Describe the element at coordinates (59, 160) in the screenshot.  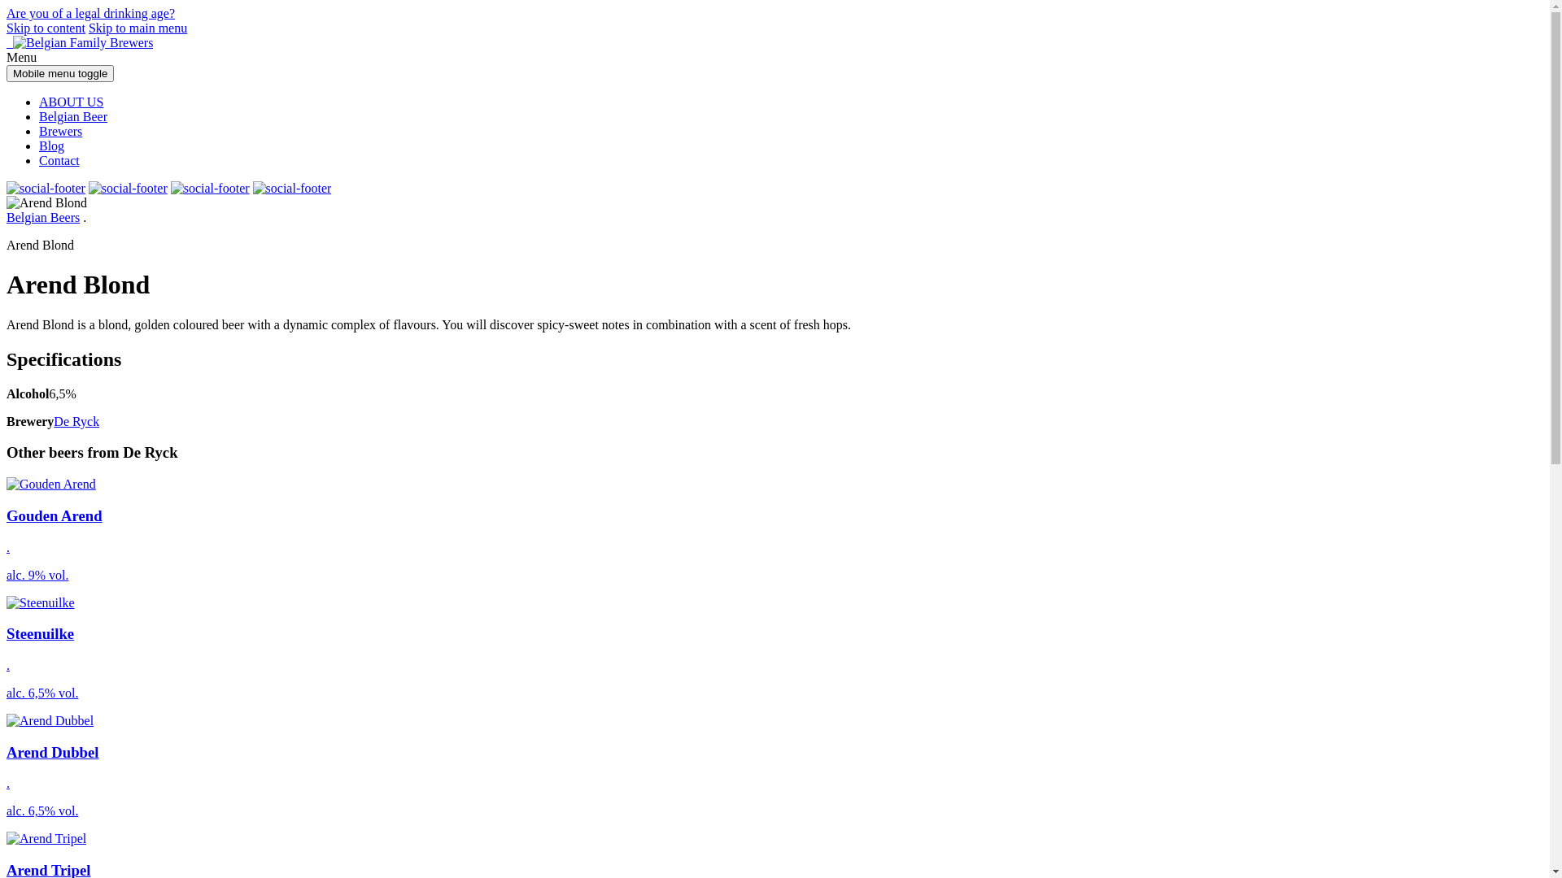
I see `'Contact'` at that location.